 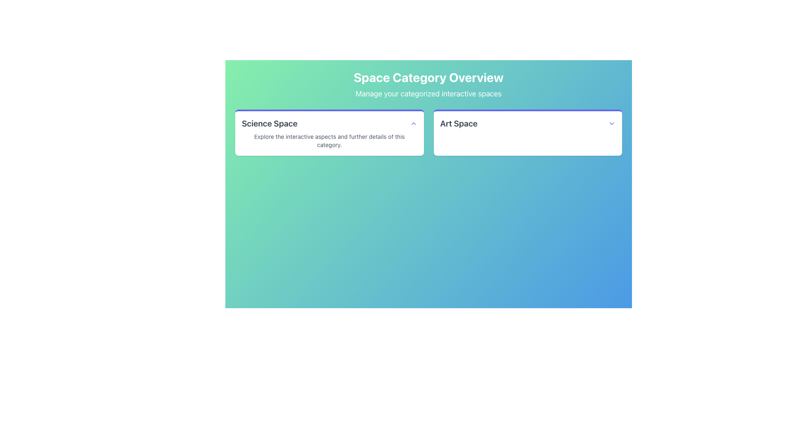 I want to click on the 'Science Space' text label, which is displayed in a semibold, extra-large font in dark gray, located at the top-left corner of a card-like structure, so click(x=269, y=124).